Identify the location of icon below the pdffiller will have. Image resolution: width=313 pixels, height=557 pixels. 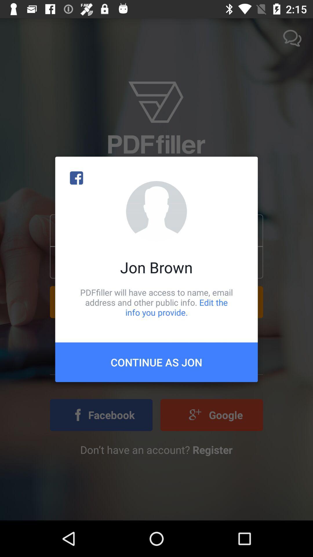
(156, 362).